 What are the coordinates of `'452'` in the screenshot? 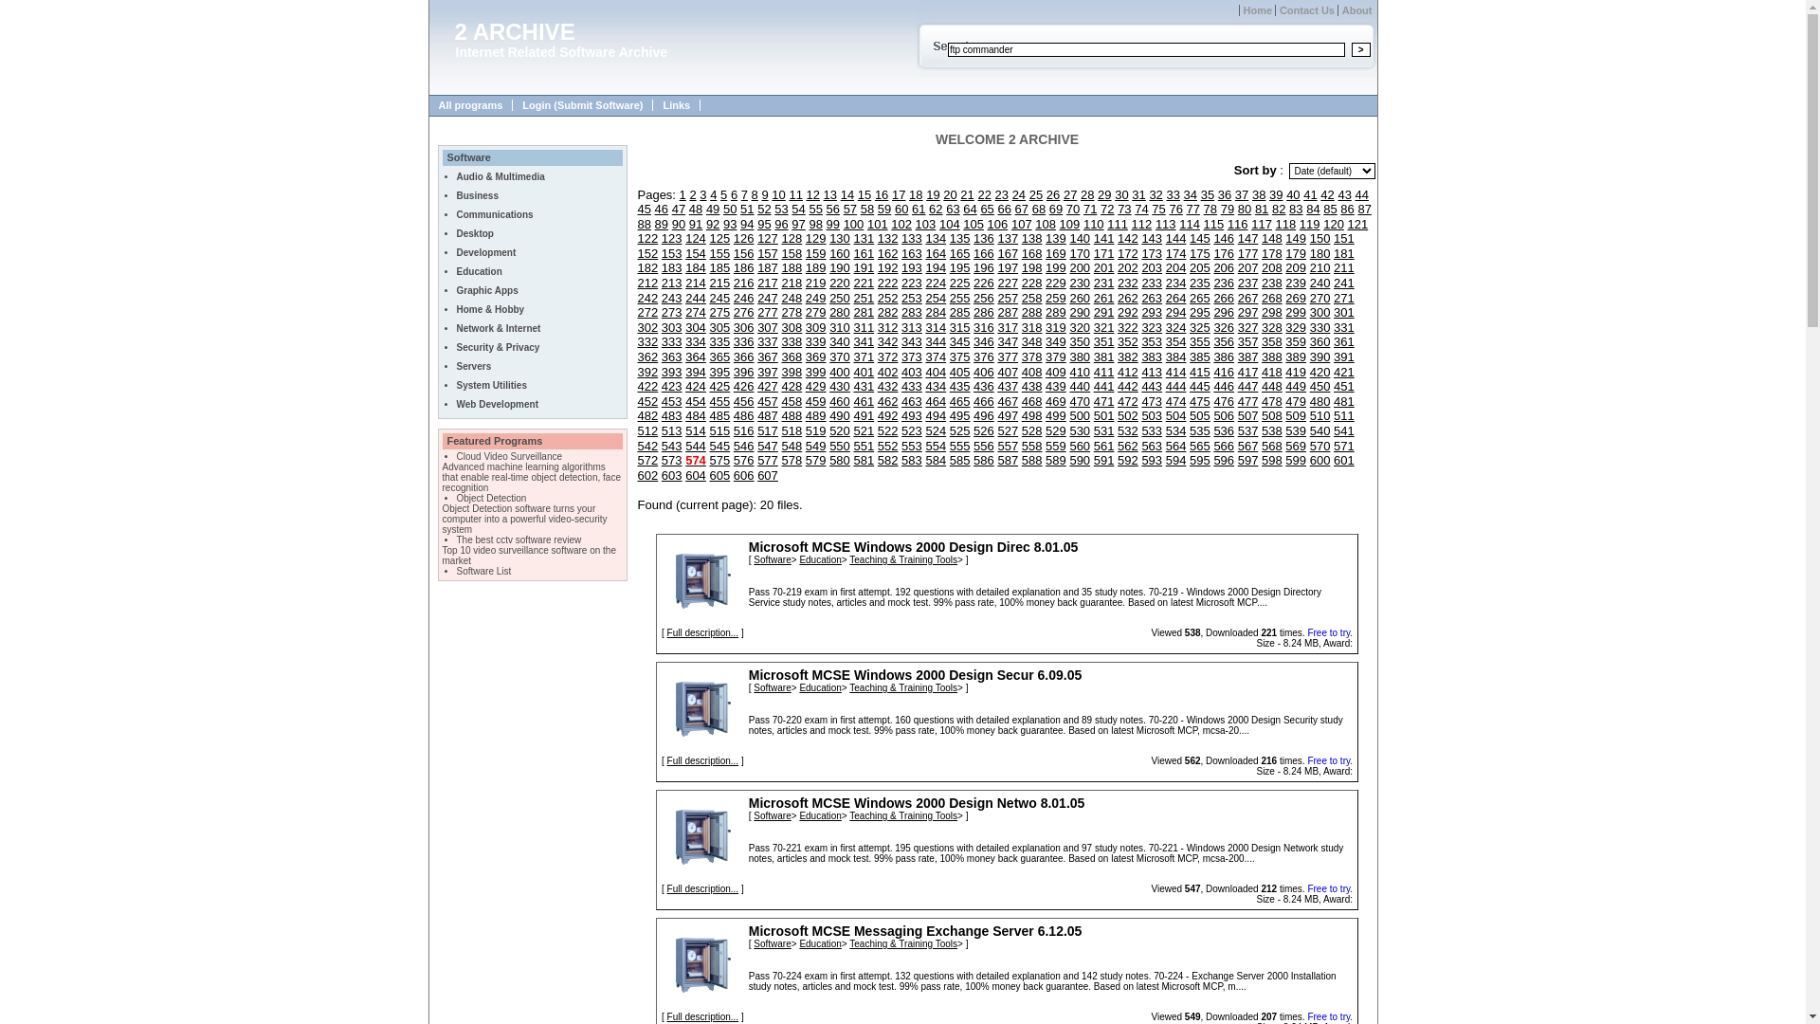 It's located at (646, 400).